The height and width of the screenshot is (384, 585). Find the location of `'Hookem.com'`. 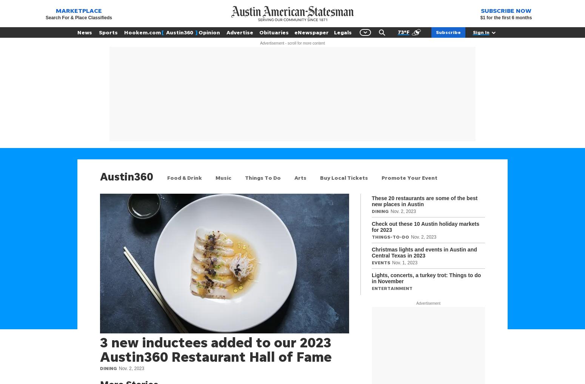

'Hookem.com' is located at coordinates (142, 32).